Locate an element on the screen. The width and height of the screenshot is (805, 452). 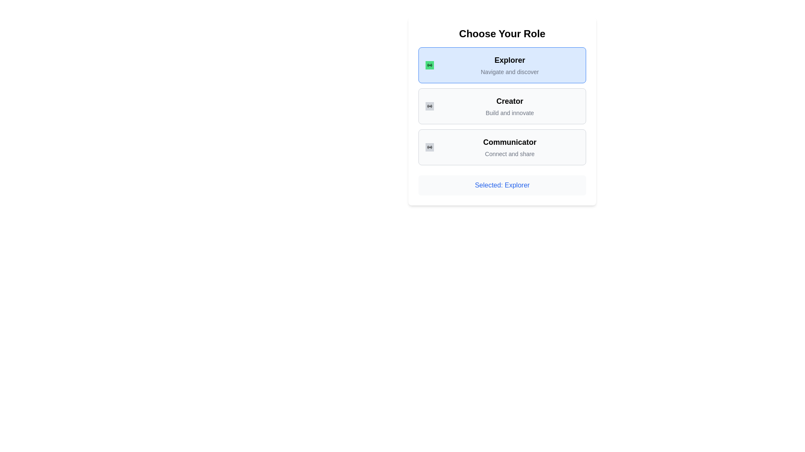
the bold text label displaying 'Communicator', which is positioned above the 'Connect and share' label and is centrally located within a group of selectable roles is located at coordinates (509, 141).